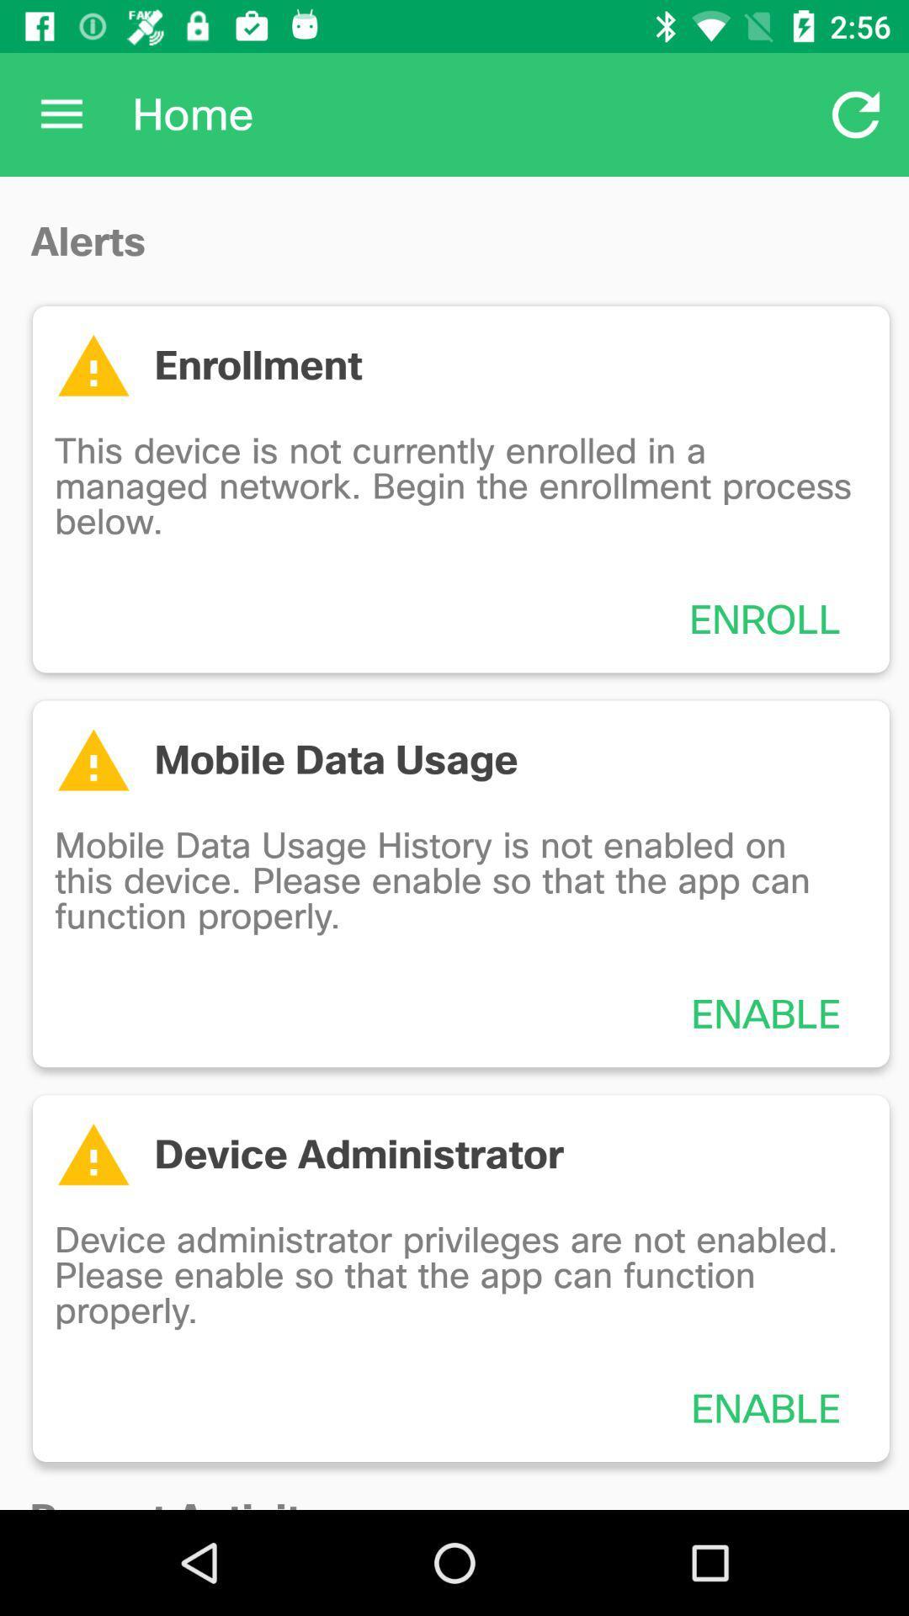  Describe the element at coordinates (856, 114) in the screenshot. I see `item above the enrollment item` at that location.